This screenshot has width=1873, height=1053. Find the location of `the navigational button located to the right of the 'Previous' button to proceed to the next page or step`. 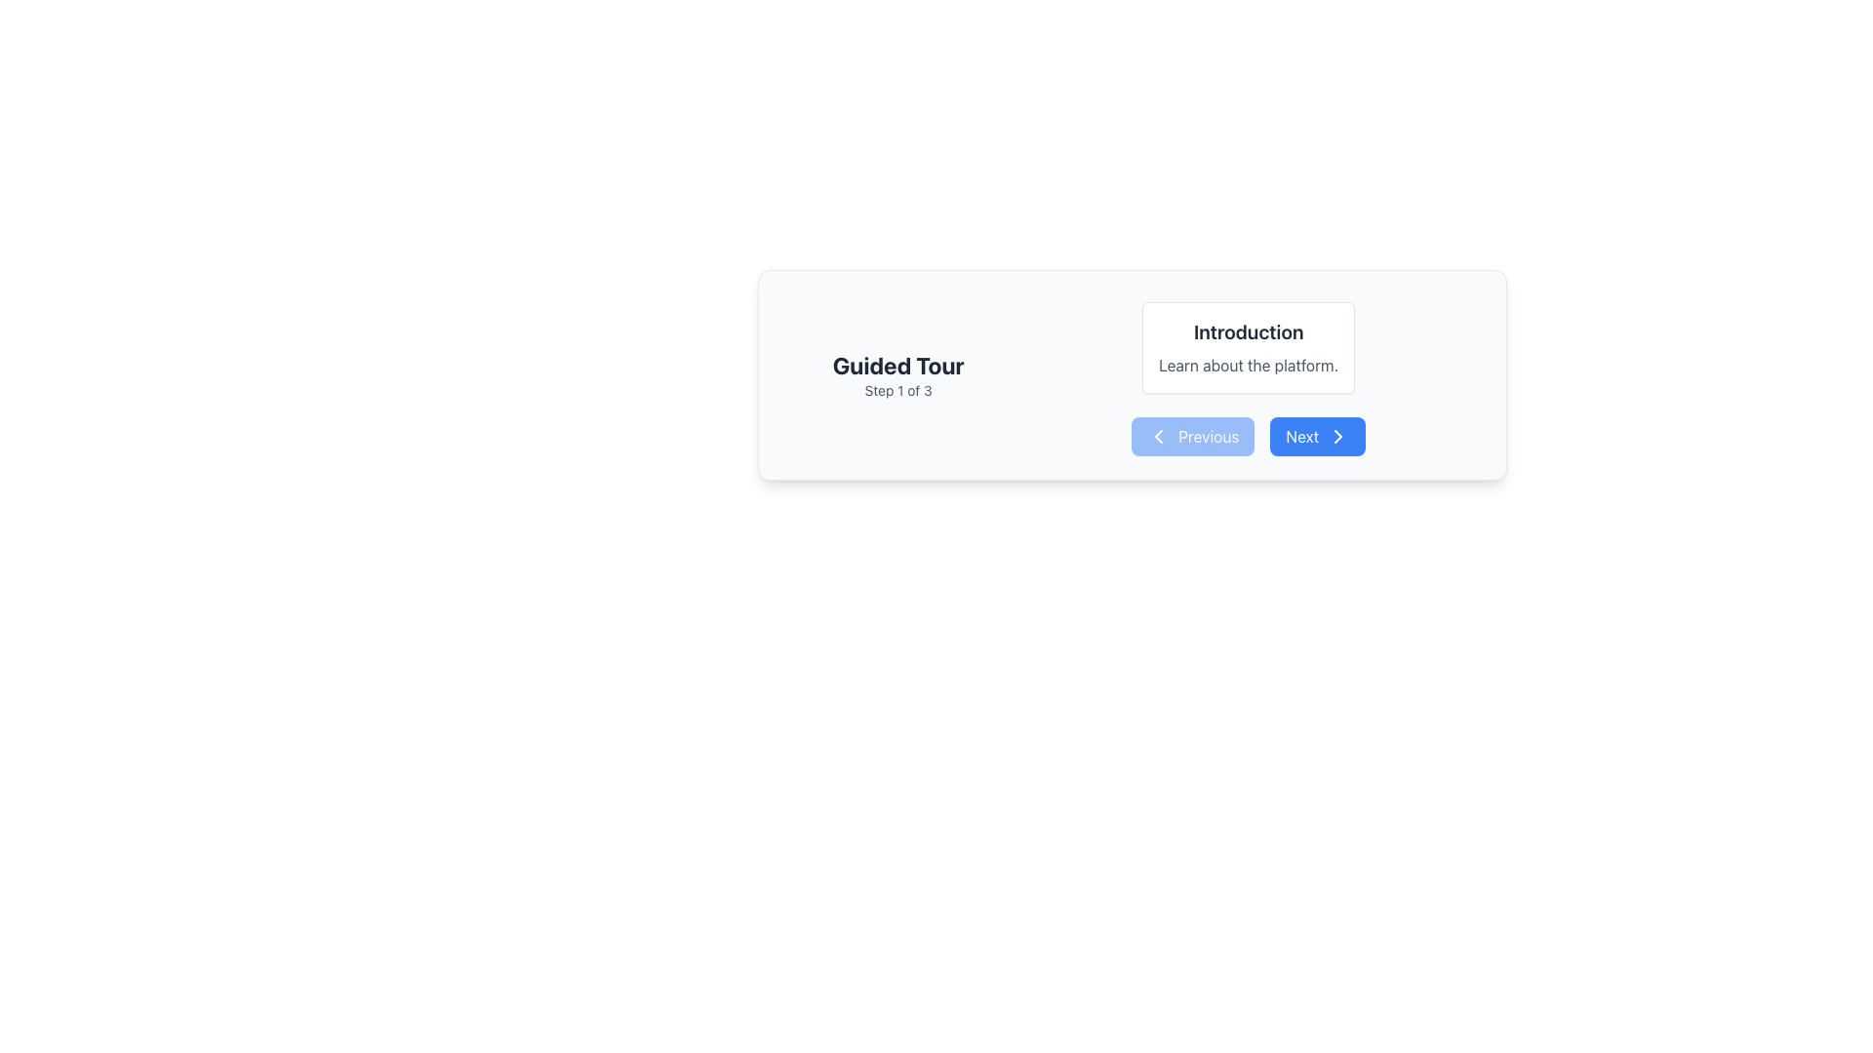

the navigational button located to the right of the 'Previous' button to proceed to the next page or step is located at coordinates (1318, 435).